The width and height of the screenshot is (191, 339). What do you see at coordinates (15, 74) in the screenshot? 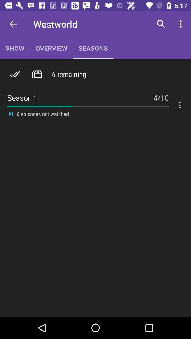
I see `the icon above the season 1 item` at bounding box center [15, 74].